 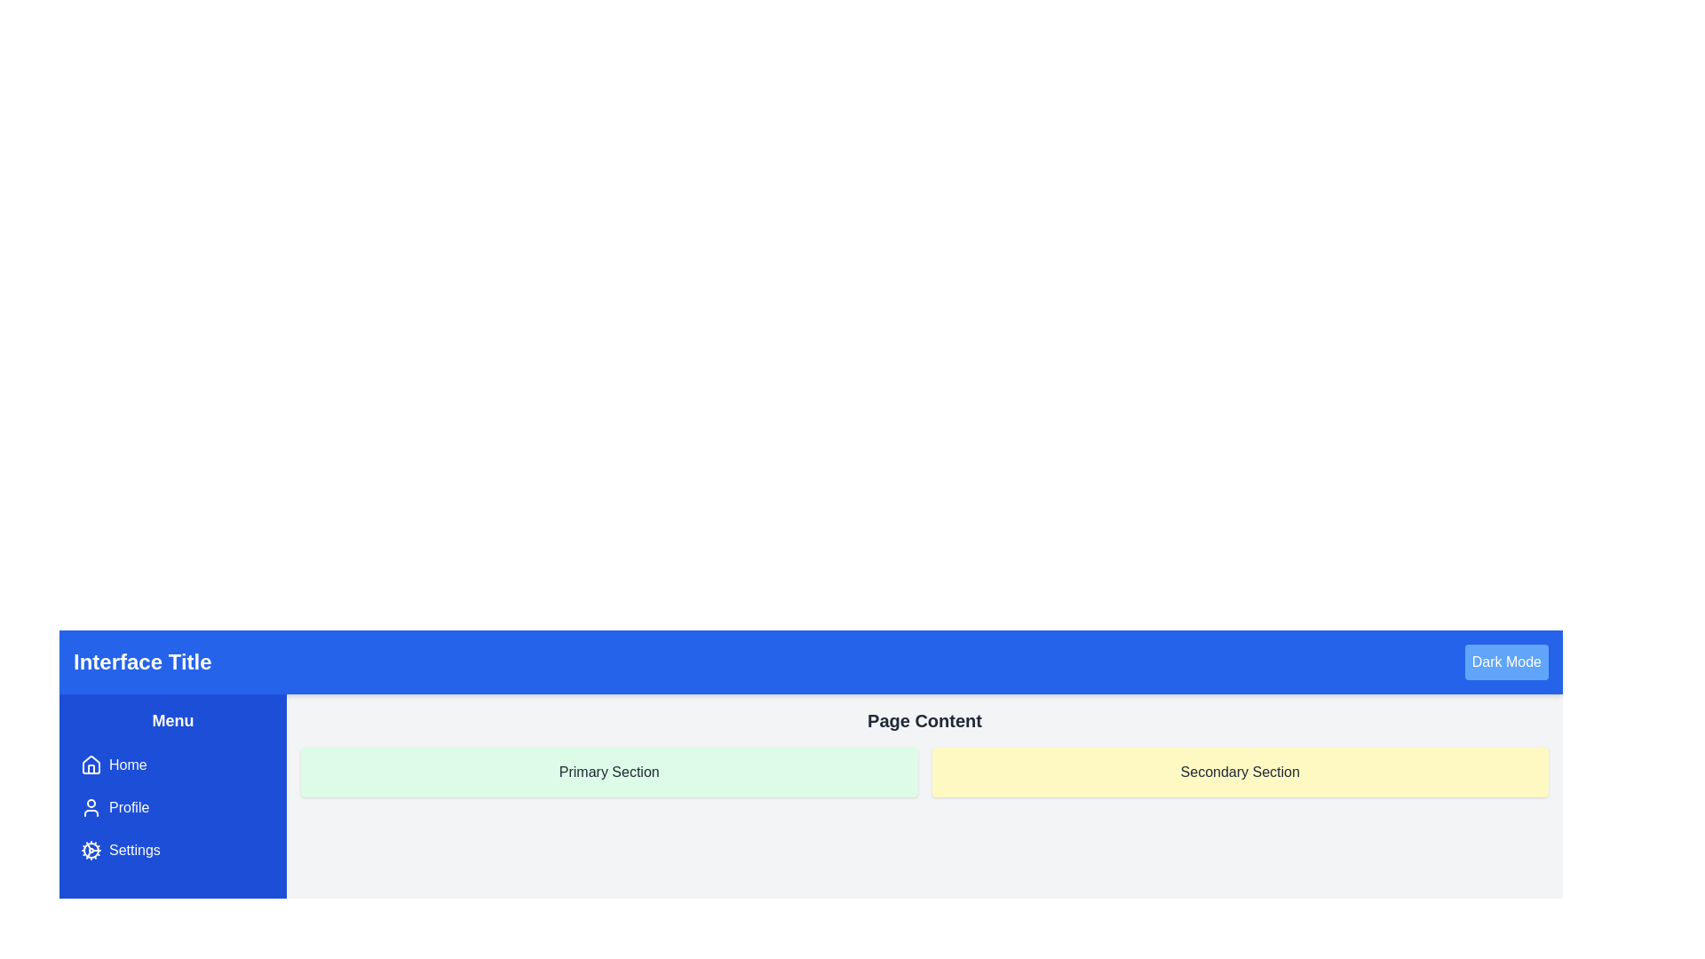 I want to click on the house-shaped icon located in the 'Home' menu item, so click(x=90, y=764).